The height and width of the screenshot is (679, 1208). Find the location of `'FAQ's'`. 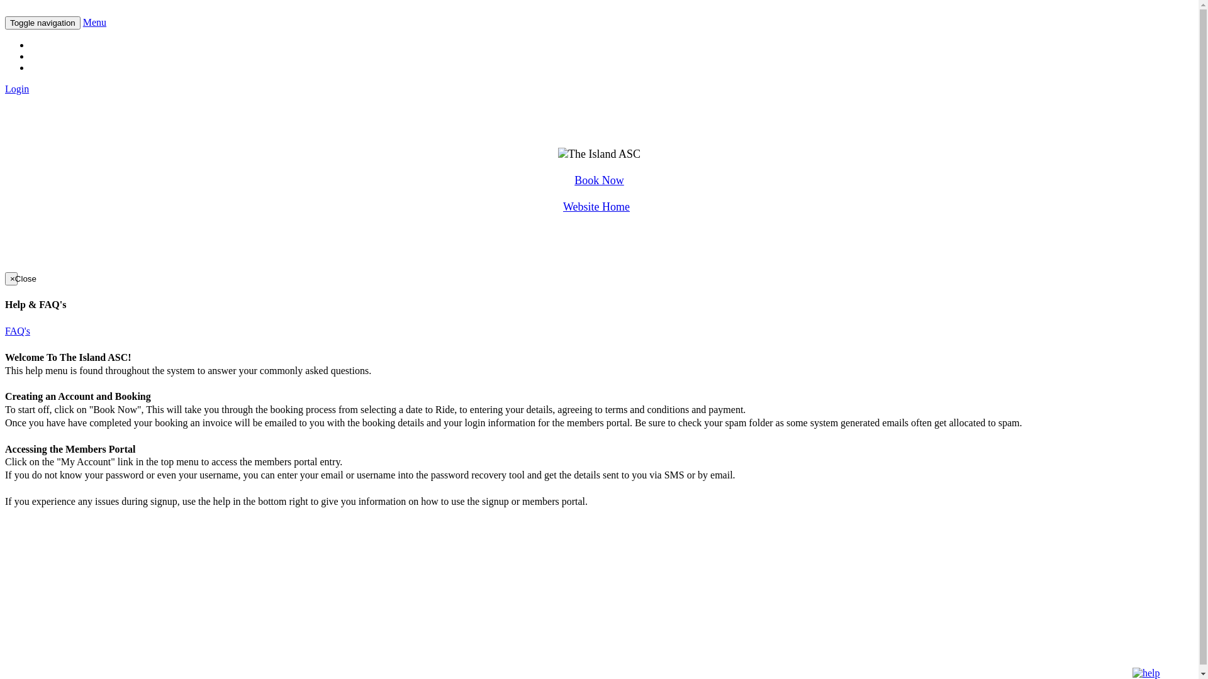

'FAQ's' is located at coordinates (18, 330).